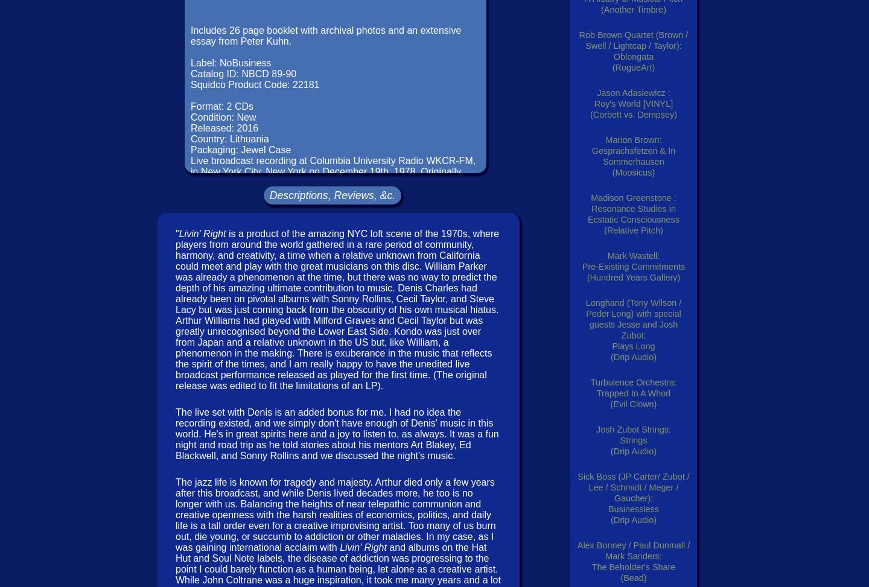 Image resolution: width=869 pixels, height=587 pixels. What do you see at coordinates (633, 256) in the screenshot?
I see `'Mark Wastell:'` at bounding box center [633, 256].